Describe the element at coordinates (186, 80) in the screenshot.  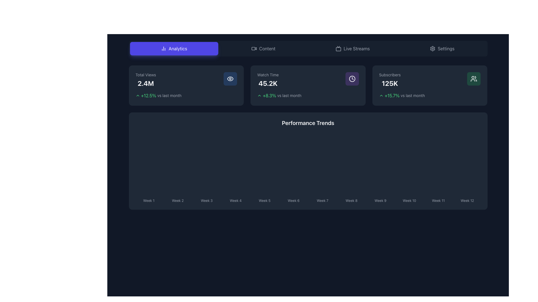
I see `the statistical data displayed in the Informational Display with Icon located in the top left of the dashboard, above the green percentage change indicator and to the left of the eye icon` at that location.